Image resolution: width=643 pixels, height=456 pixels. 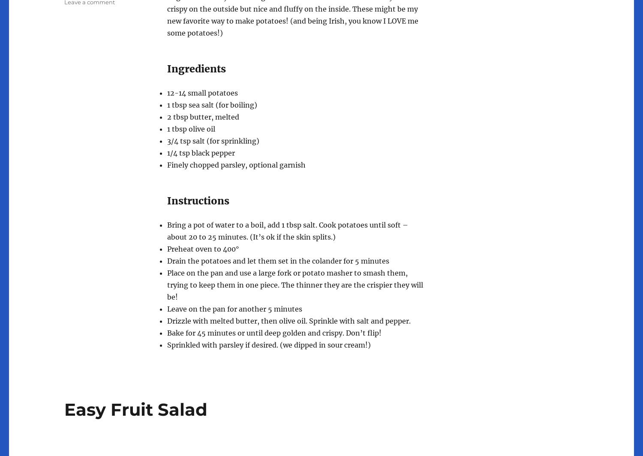 What do you see at coordinates (202, 248) in the screenshot?
I see `'Preheat oven to 400°'` at bounding box center [202, 248].